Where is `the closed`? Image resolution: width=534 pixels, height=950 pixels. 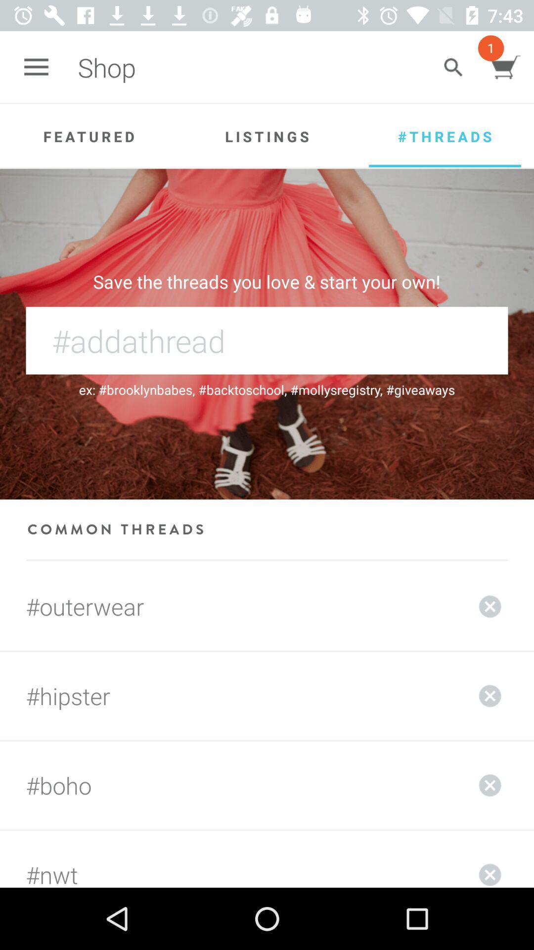
the closed is located at coordinates (490, 695).